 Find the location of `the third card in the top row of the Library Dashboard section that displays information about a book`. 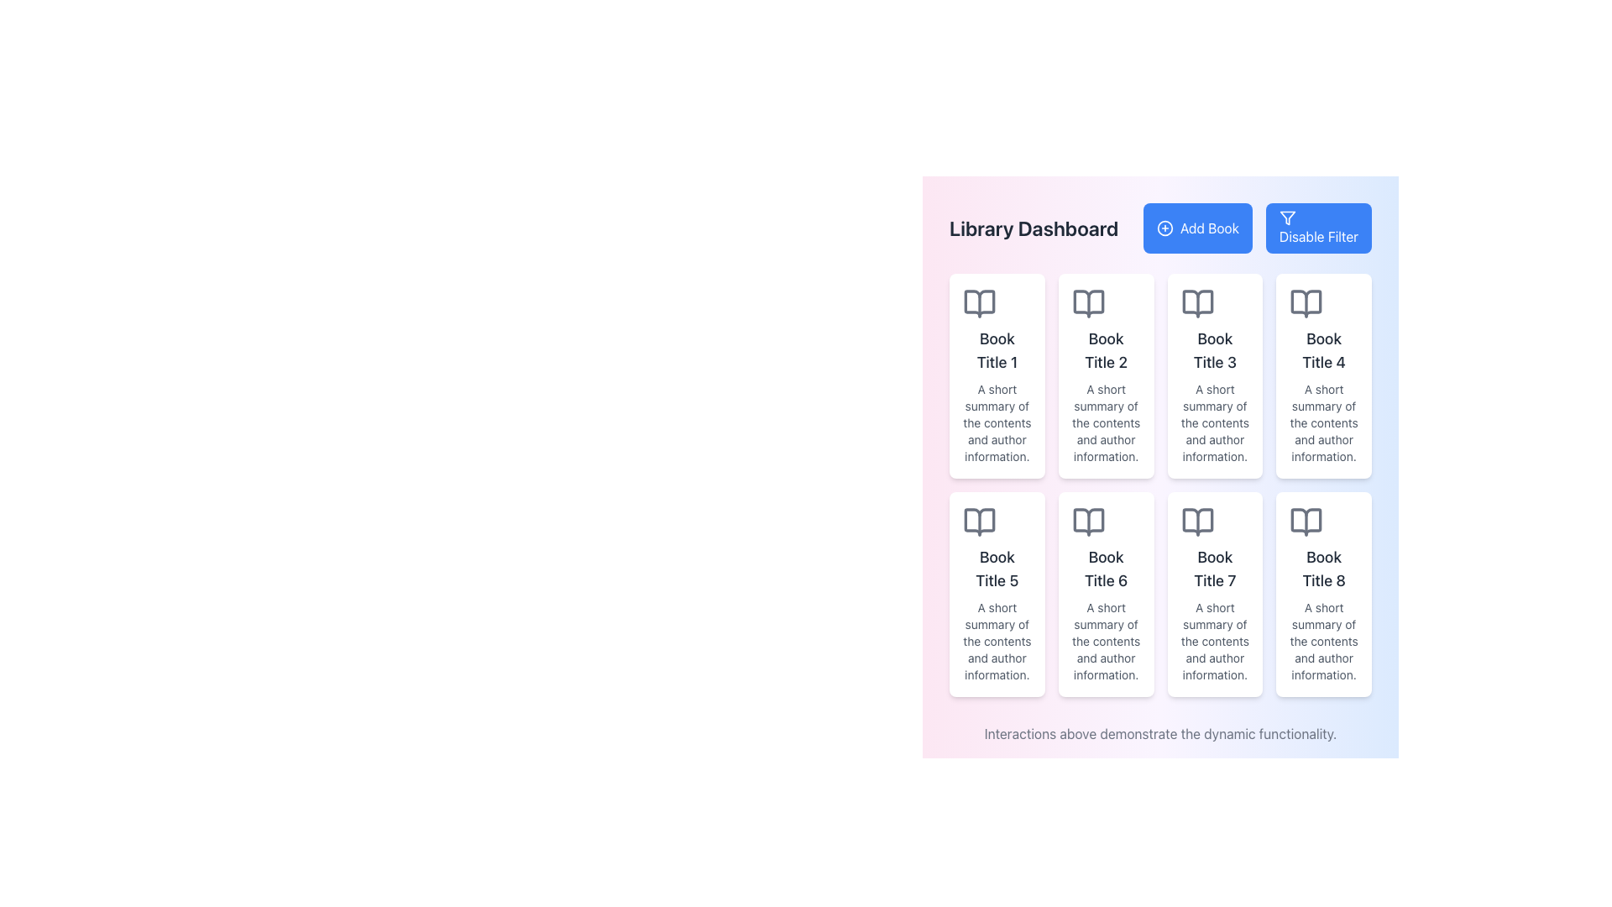

the third card in the top row of the Library Dashboard section that displays information about a book is located at coordinates (1215, 375).